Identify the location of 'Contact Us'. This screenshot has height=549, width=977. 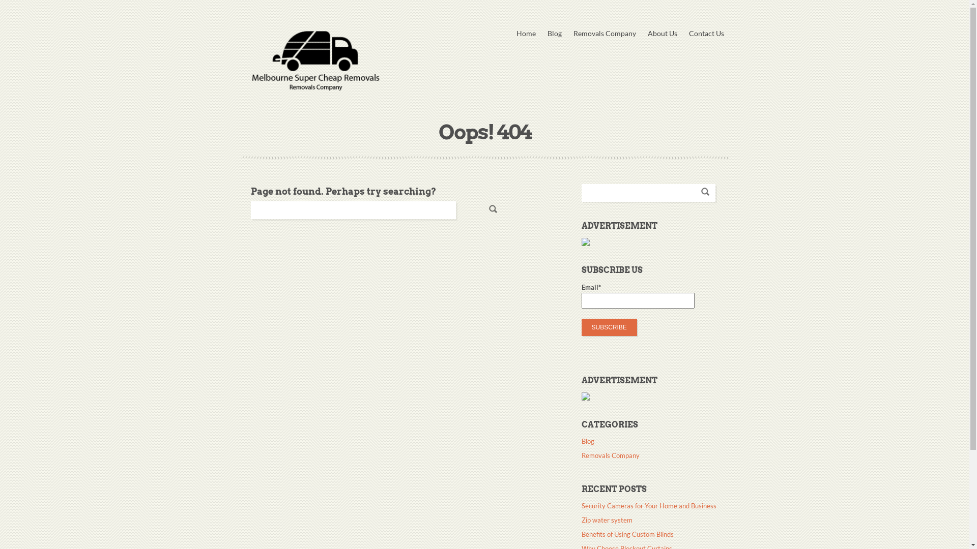
(706, 33).